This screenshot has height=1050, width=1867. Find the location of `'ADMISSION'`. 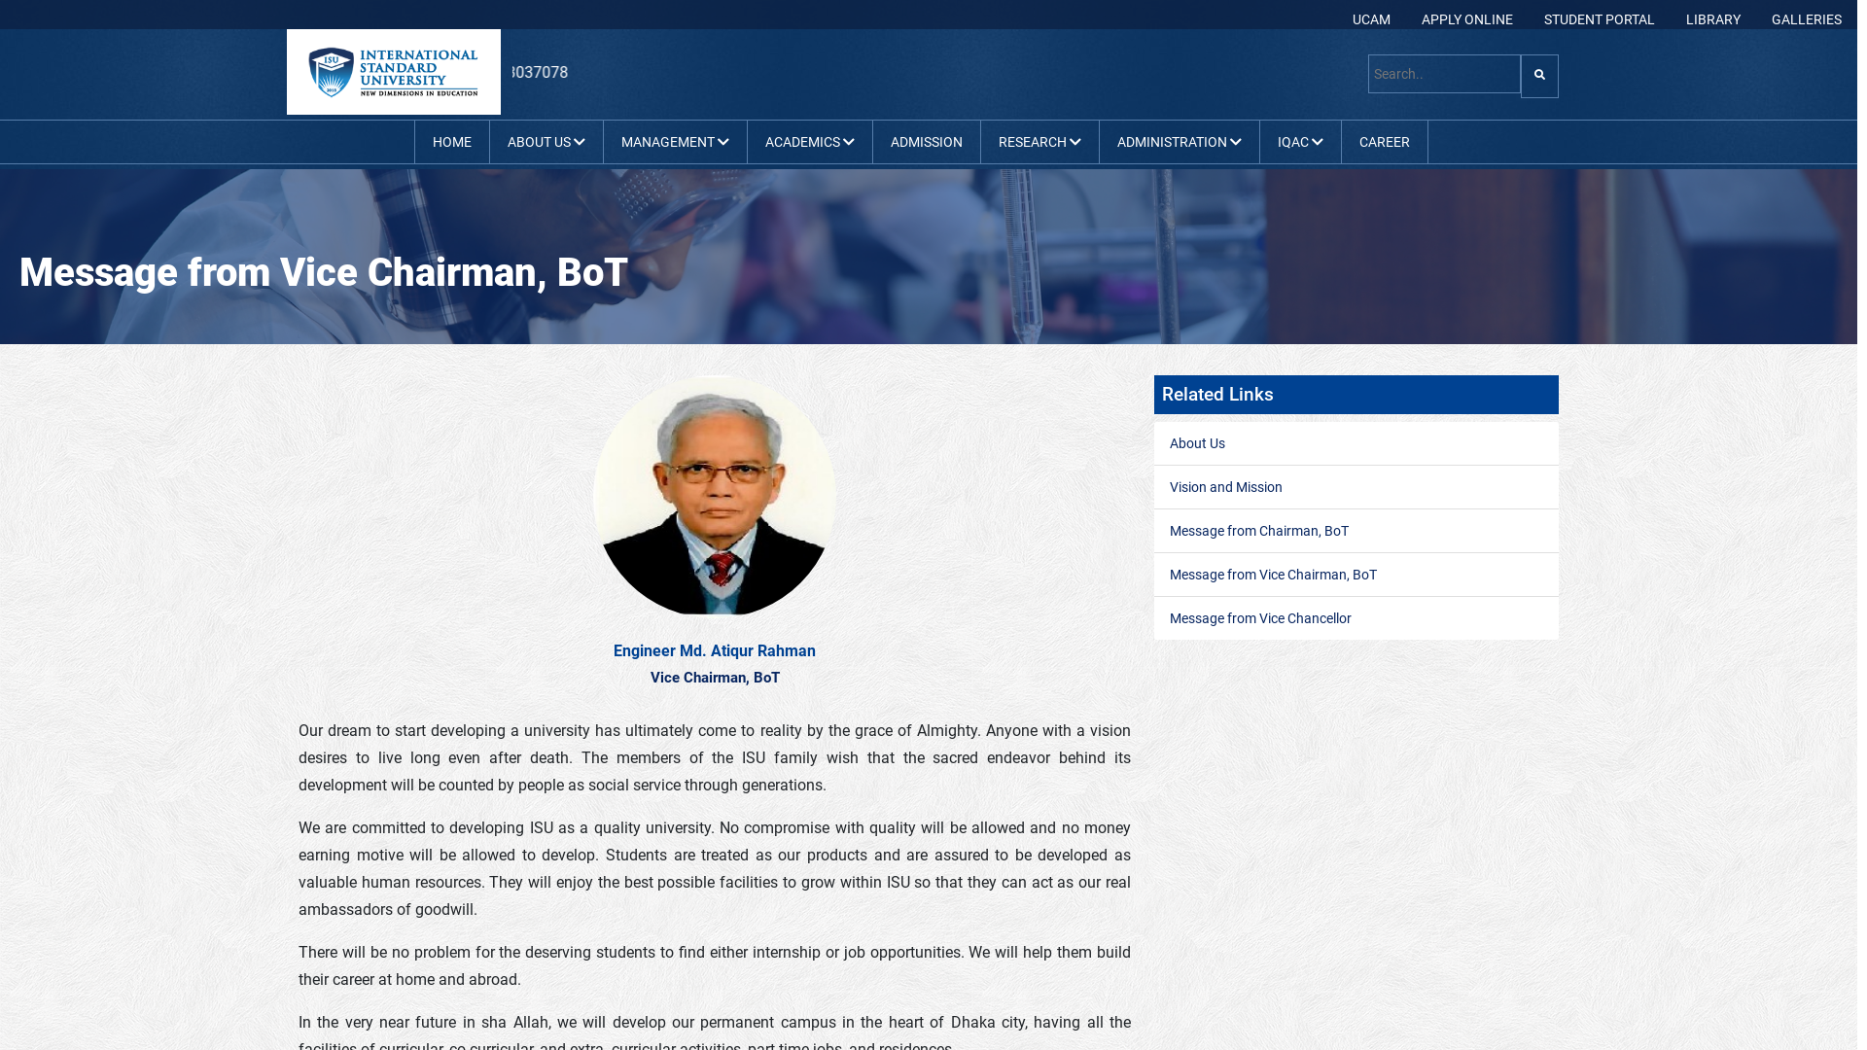

'ADMISSION' is located at coordinates (881, 141).